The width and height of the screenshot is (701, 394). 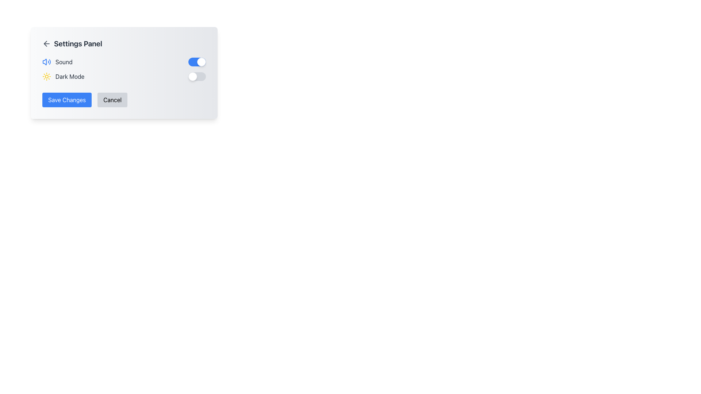 I want to click on the sound wave or speaker icon located to the left of the 'Sound' text in the upper-left section of the settings panel, so click(x=44, y=61).